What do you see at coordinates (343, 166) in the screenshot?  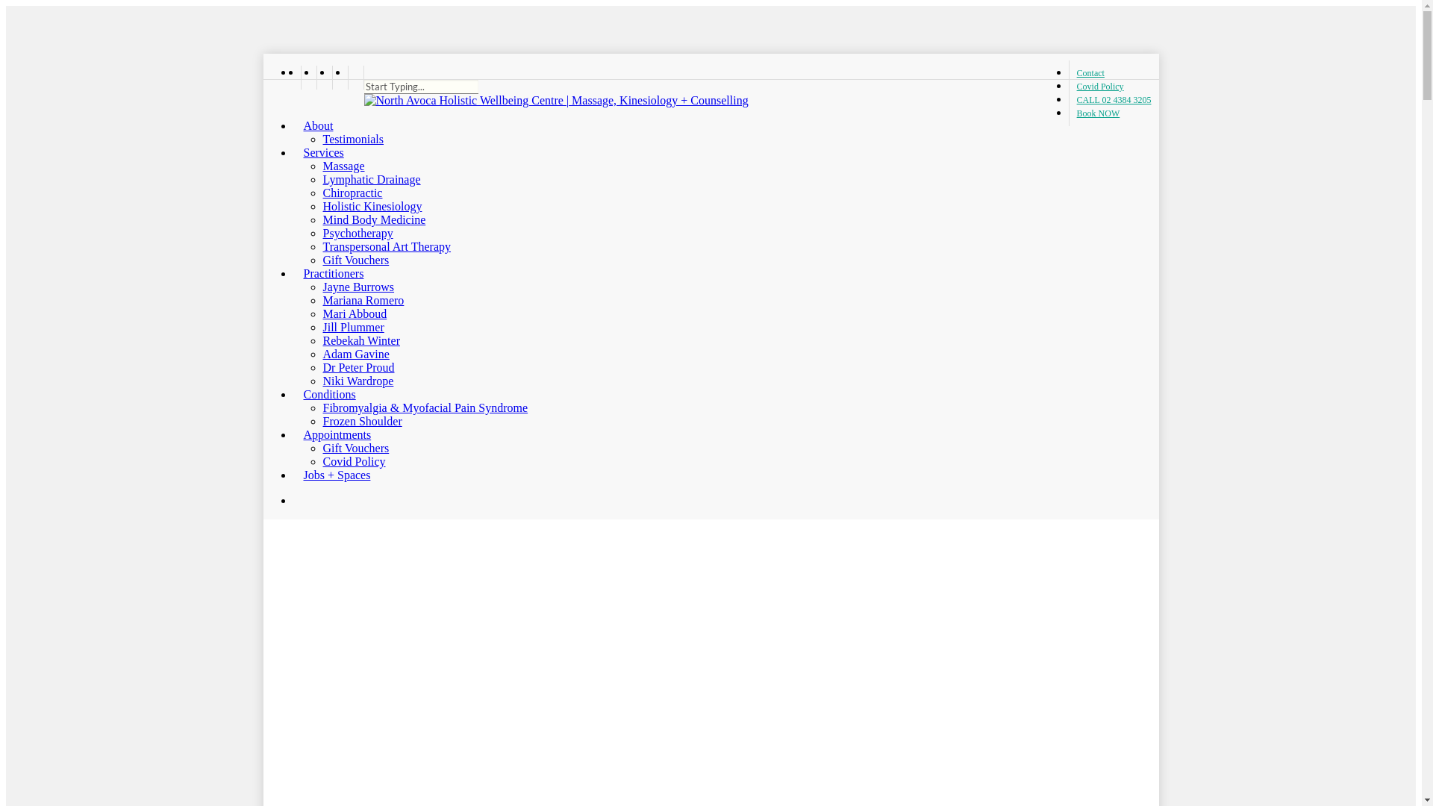 I see `'Massage'` at bounding box center [343, 166].